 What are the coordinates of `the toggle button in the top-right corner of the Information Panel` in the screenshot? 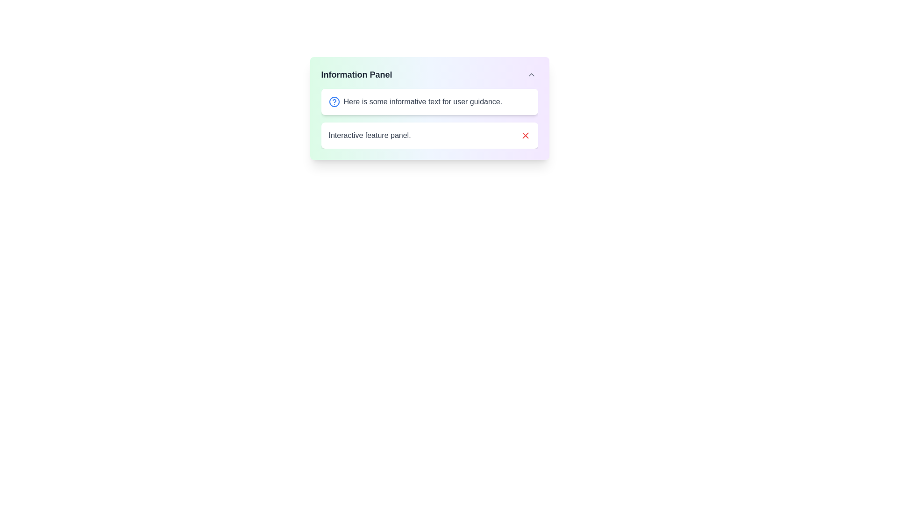 It's located at (531, 74).